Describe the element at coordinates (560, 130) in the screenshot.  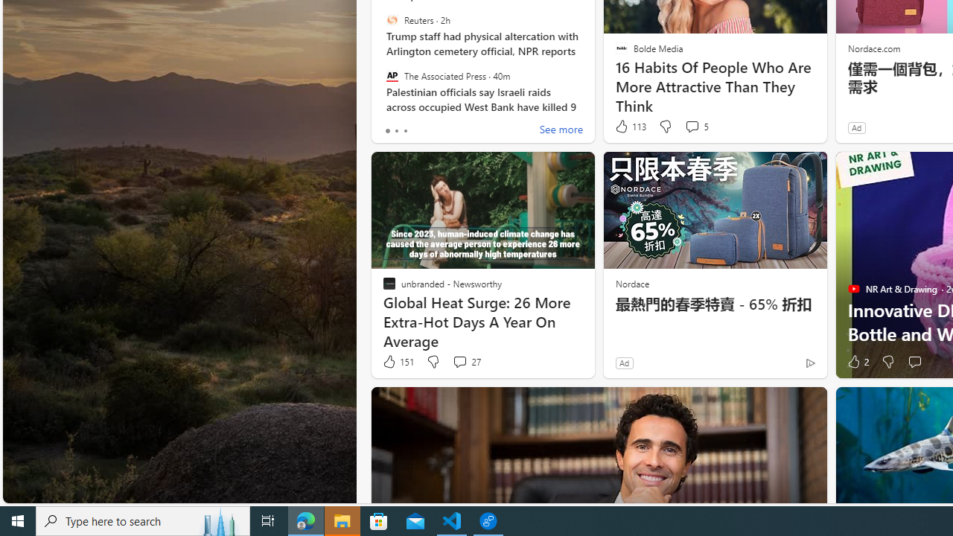
I see `'See more'` at that location.